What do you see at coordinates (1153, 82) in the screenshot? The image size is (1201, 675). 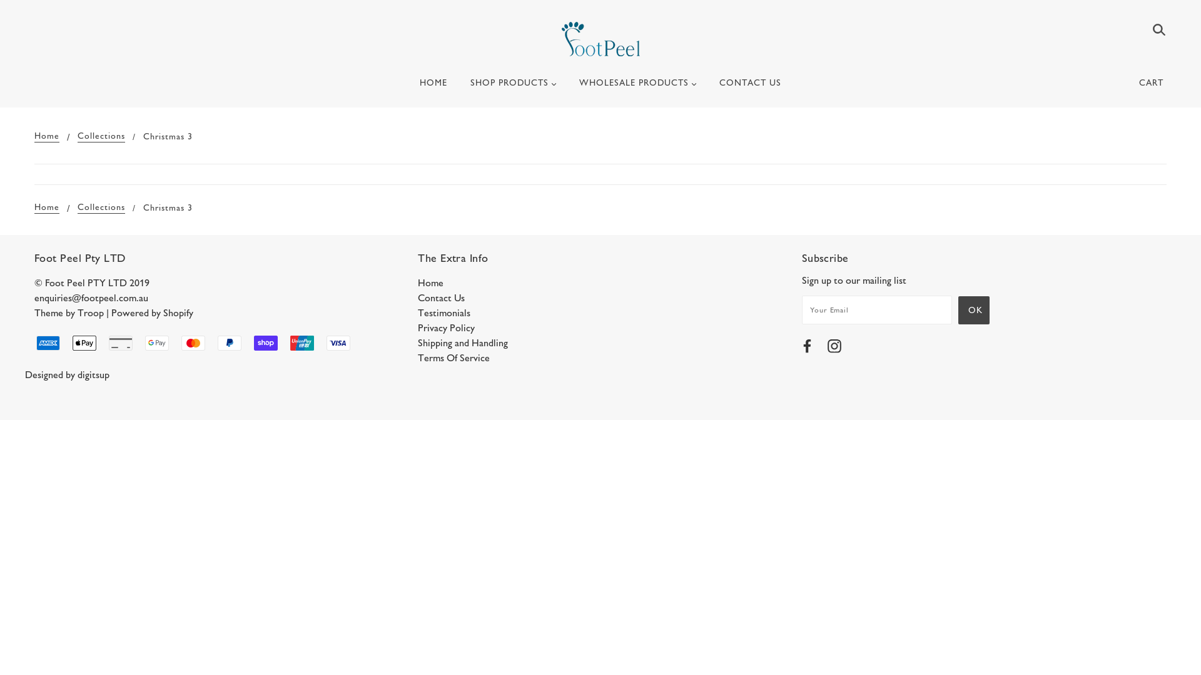 I see `'CART'` at bounding box center [1153, 82].